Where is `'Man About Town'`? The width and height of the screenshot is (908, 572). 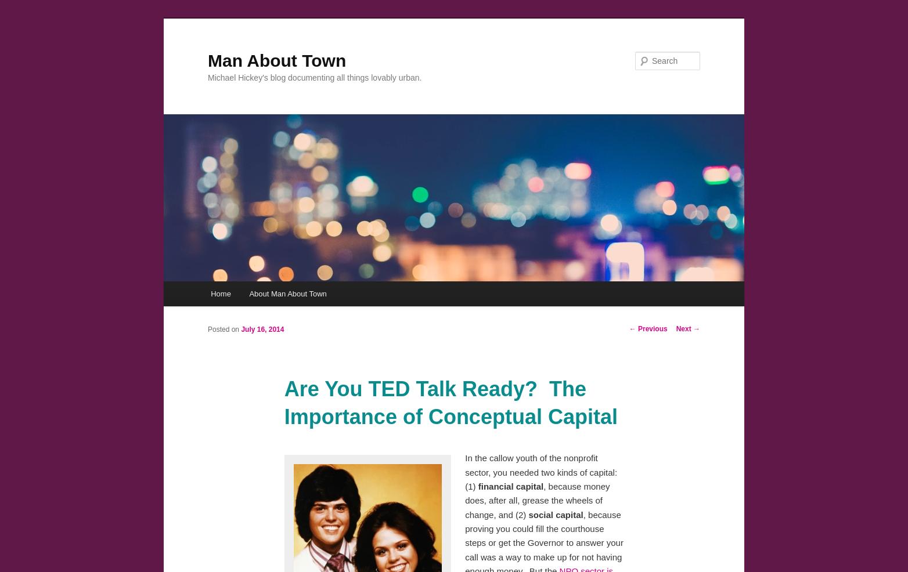 'Man About Town' is located at coordinates (277, 60).